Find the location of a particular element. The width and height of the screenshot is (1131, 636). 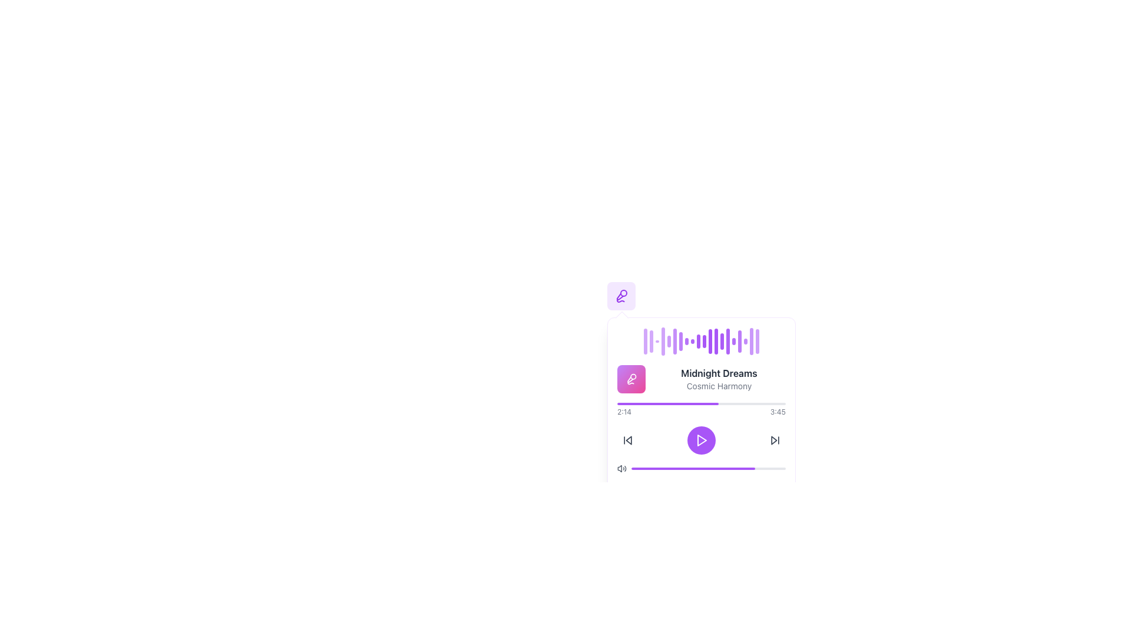

the forward arrow icon located to the right of the central play button in the media playback control interface to skip forward to the next track or segment is located at coordinates (774, 440).